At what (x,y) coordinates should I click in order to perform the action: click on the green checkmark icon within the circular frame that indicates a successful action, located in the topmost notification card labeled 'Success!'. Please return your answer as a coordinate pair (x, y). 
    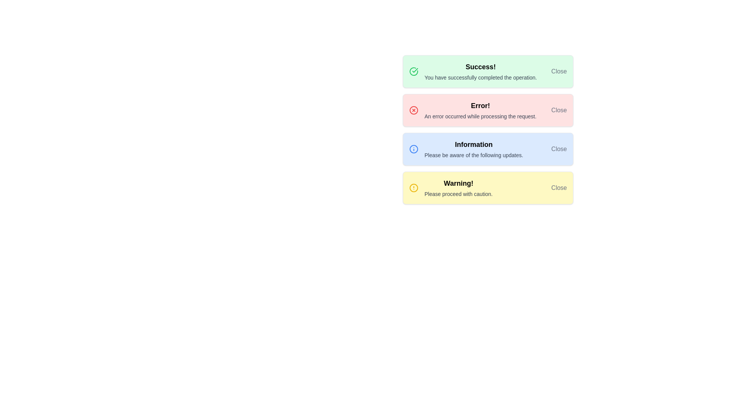
    Looking at the image, I should click on (413, 72).